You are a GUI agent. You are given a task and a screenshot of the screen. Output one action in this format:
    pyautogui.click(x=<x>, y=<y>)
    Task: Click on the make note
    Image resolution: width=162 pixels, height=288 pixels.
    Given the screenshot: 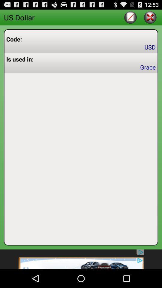 What is the action you would take?
    pyautogui.click(x=130, y=17)
    